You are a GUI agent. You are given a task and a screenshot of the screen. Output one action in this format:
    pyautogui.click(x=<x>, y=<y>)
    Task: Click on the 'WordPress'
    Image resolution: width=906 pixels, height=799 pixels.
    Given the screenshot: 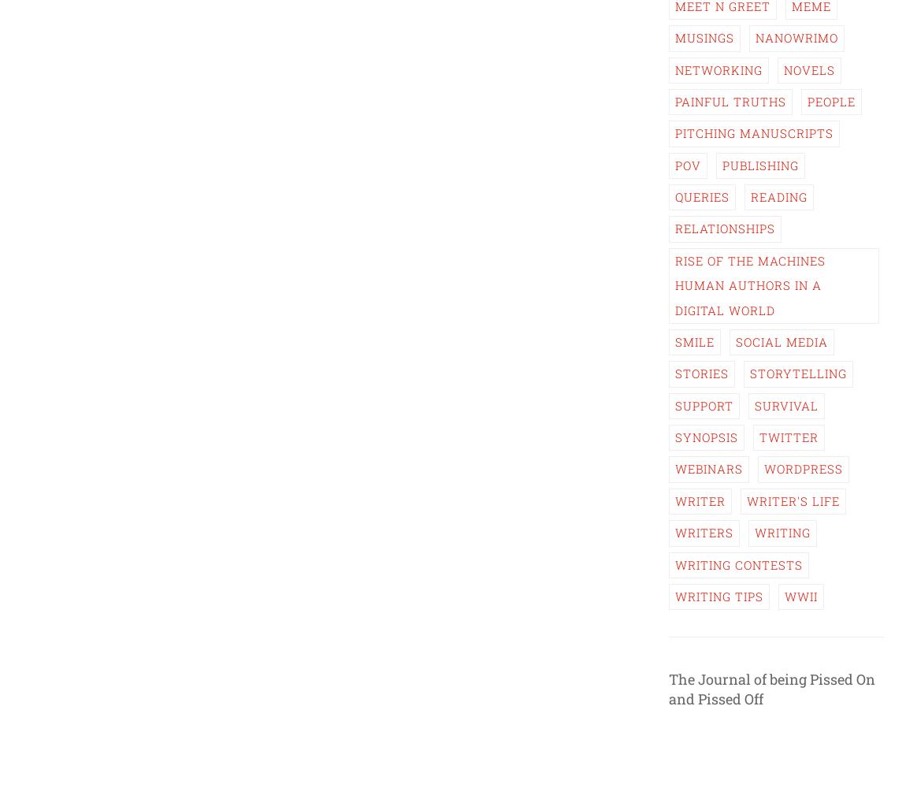 What is the action you would take?
    pyautogui.click(x=764, y=469)
    